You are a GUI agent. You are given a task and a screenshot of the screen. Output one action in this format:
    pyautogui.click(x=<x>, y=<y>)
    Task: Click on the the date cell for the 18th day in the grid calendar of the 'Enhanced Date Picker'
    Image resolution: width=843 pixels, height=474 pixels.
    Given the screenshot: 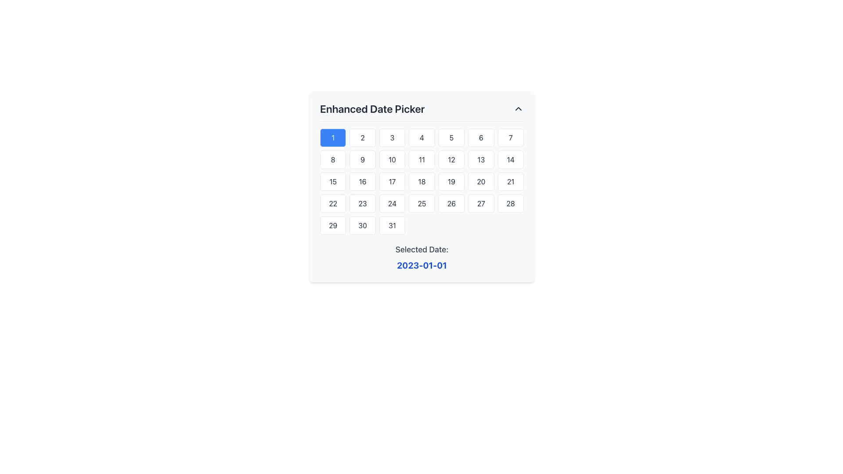 What is the action you would take?
    pyautogui.click(x=421, y=181)
    